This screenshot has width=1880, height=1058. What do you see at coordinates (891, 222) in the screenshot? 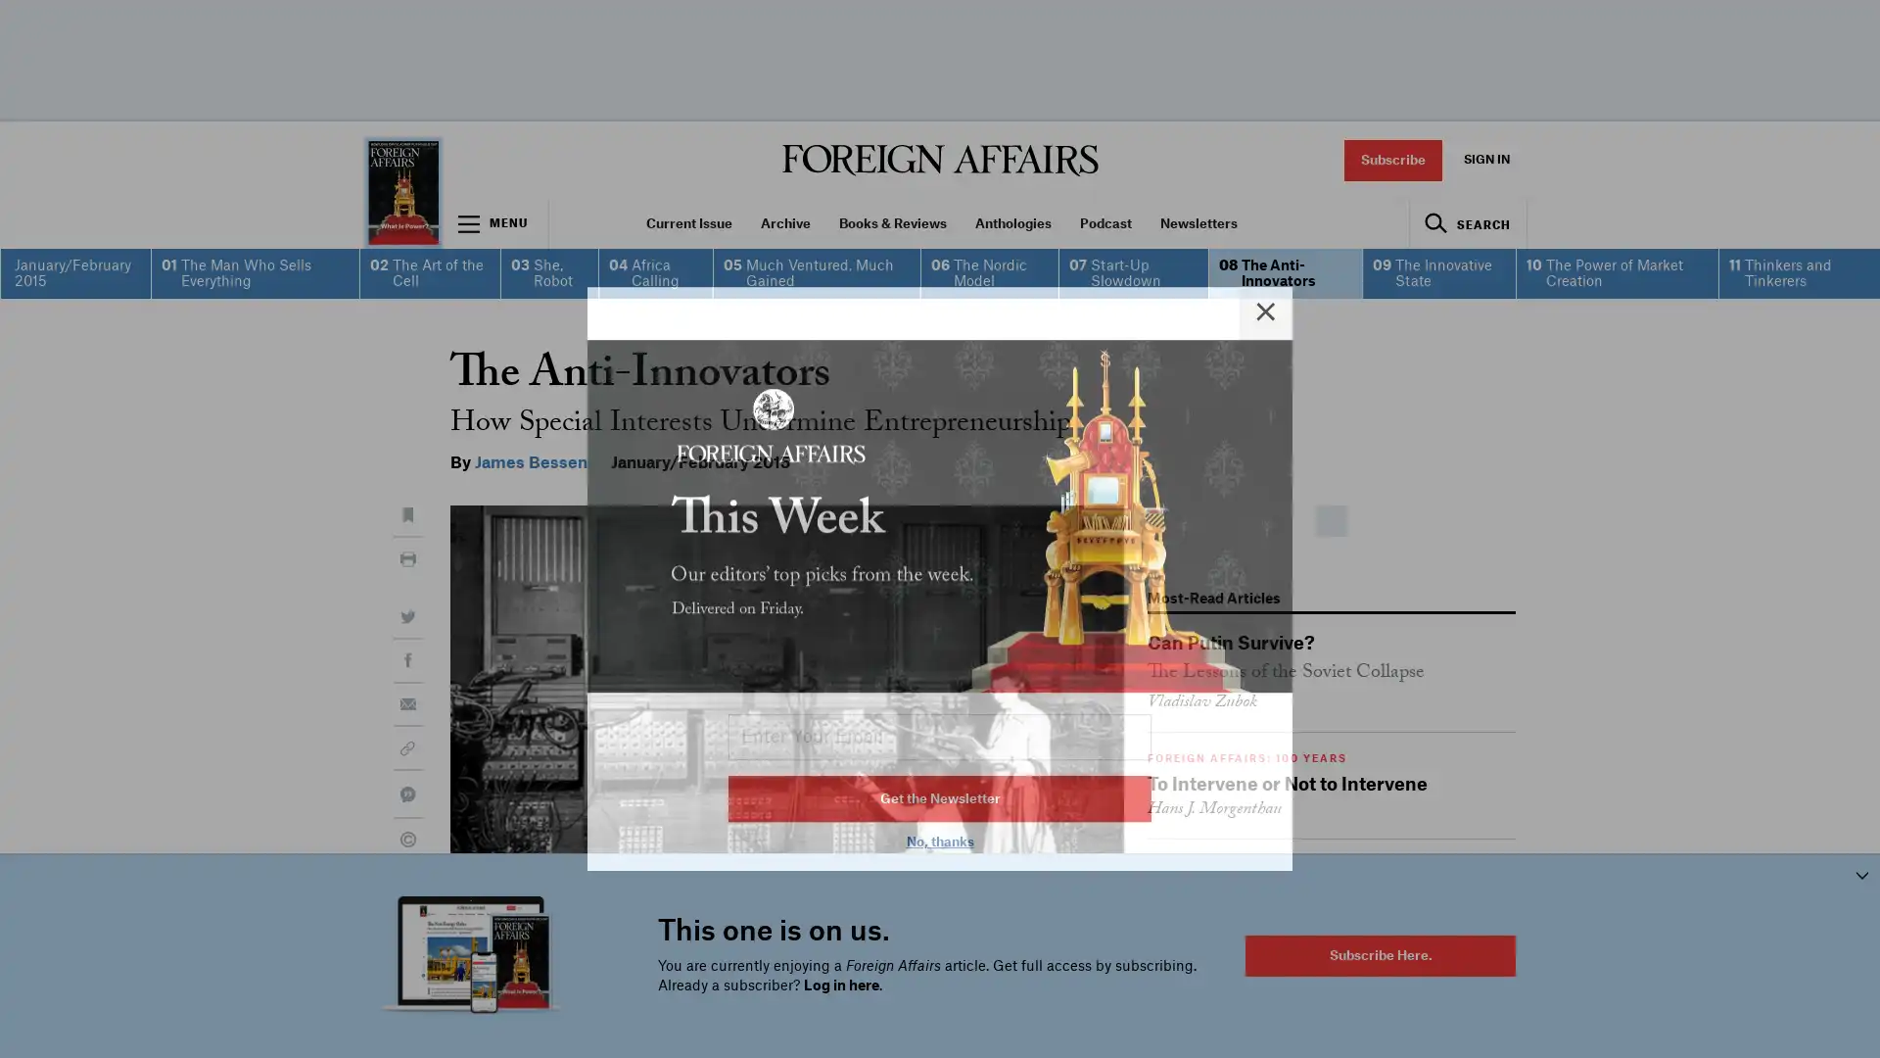
I see `Books & Reviews` at bounding box center [891, 222].